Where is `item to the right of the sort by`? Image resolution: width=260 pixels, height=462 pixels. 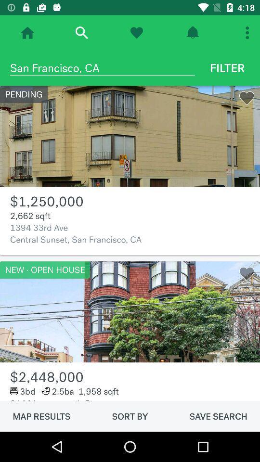
item to the right of the sort by is located at coordinates (218, 416).